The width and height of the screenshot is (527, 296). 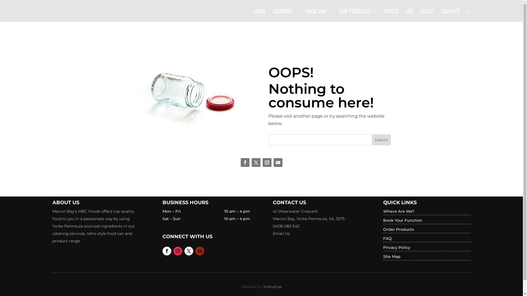 What do you see at coordinates (381, 139) in the screenshot?
I see `'Search'` at bounding box center [381, 139].